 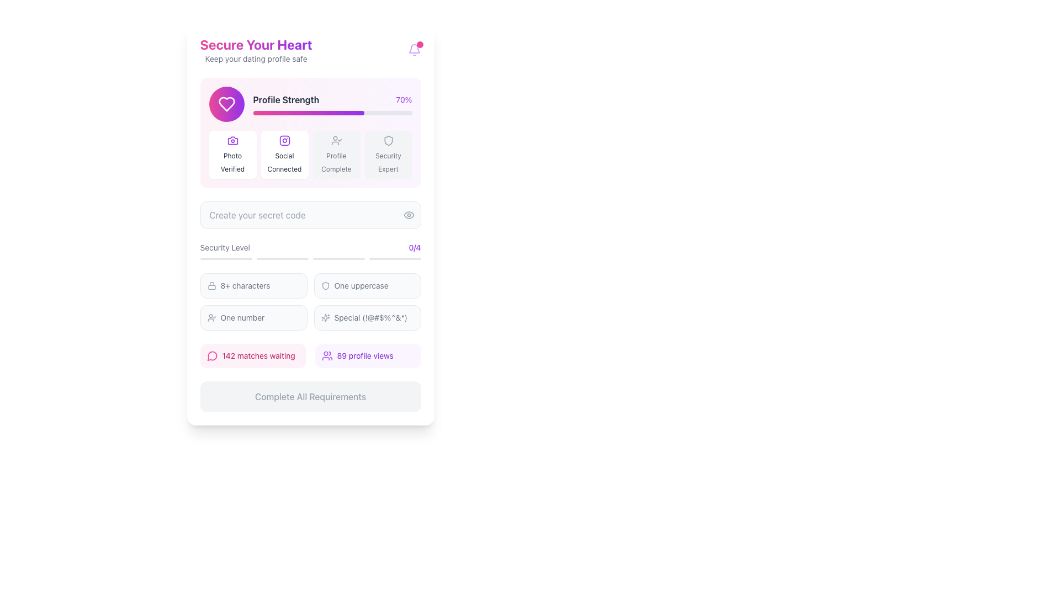 I want to click on the icon associated with the matches section, located to the left of the '142 matches waiting' text in the lower portion of the interface, so click(x=212, y=355).